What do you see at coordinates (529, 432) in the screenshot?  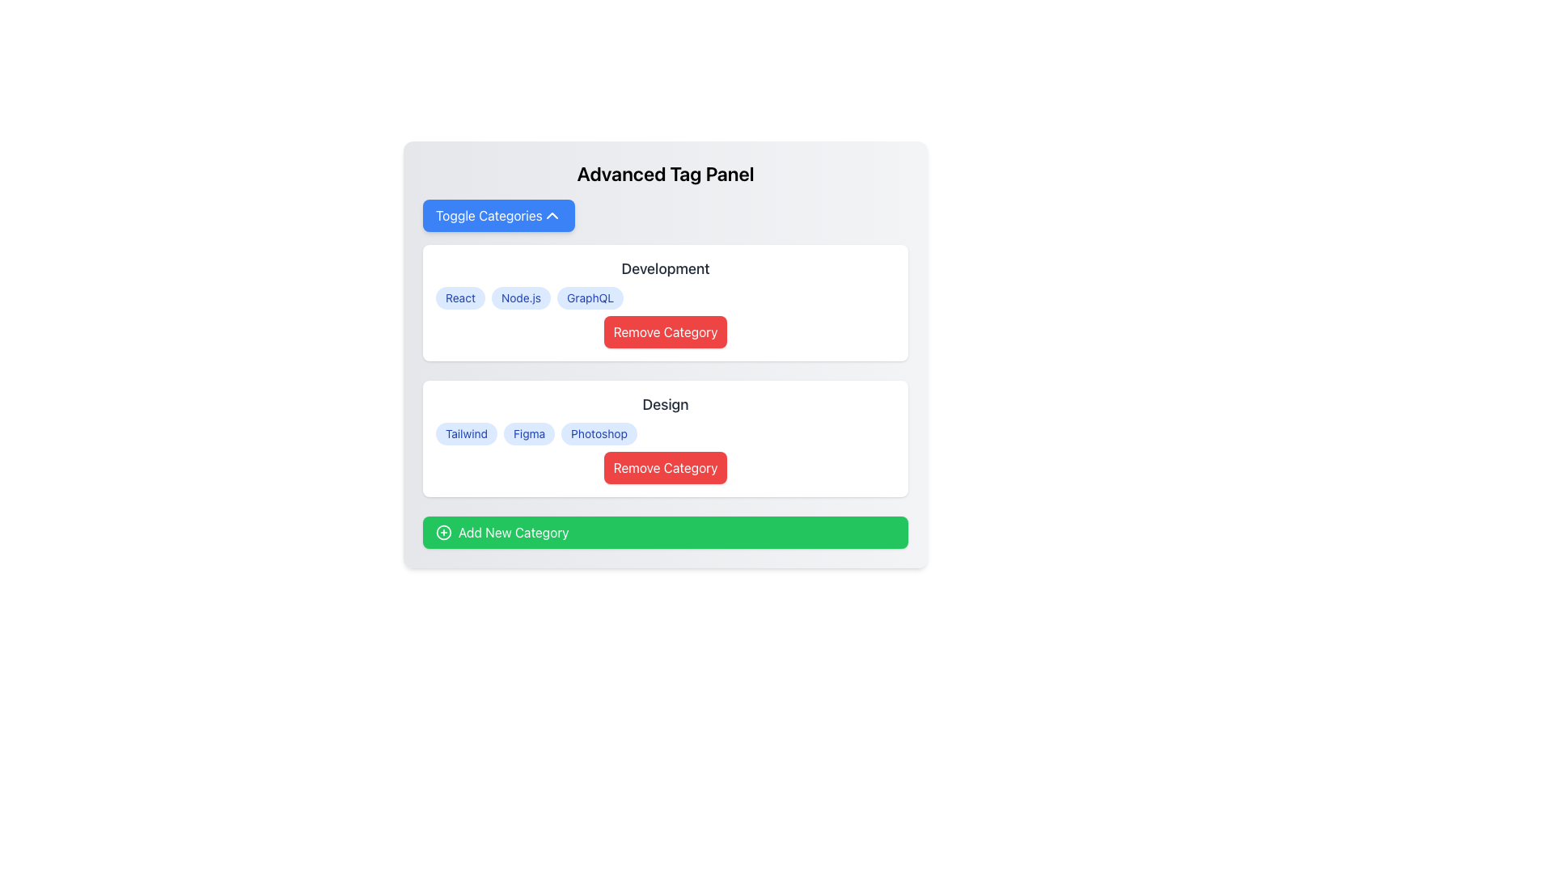 I see `the 'Figma' category label in the 'Design' section, which is positioned in the middle of three labels: 'Tailwind', 'Figma', 'Photoshop'` at bounding box center [529, 432].